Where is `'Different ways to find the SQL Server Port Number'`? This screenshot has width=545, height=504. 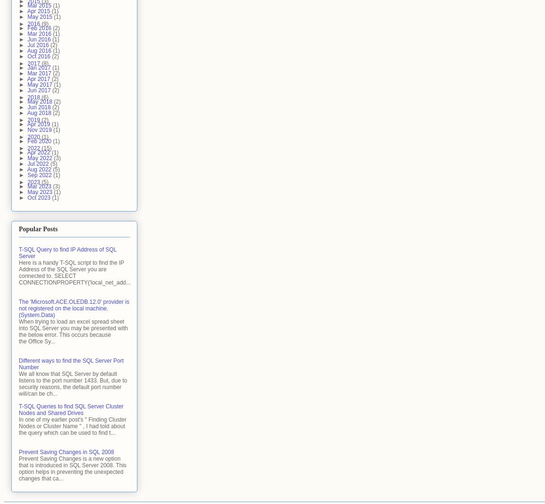 'Different ways to find the SQL Server Port Number' is located at coordinates (71, 363).